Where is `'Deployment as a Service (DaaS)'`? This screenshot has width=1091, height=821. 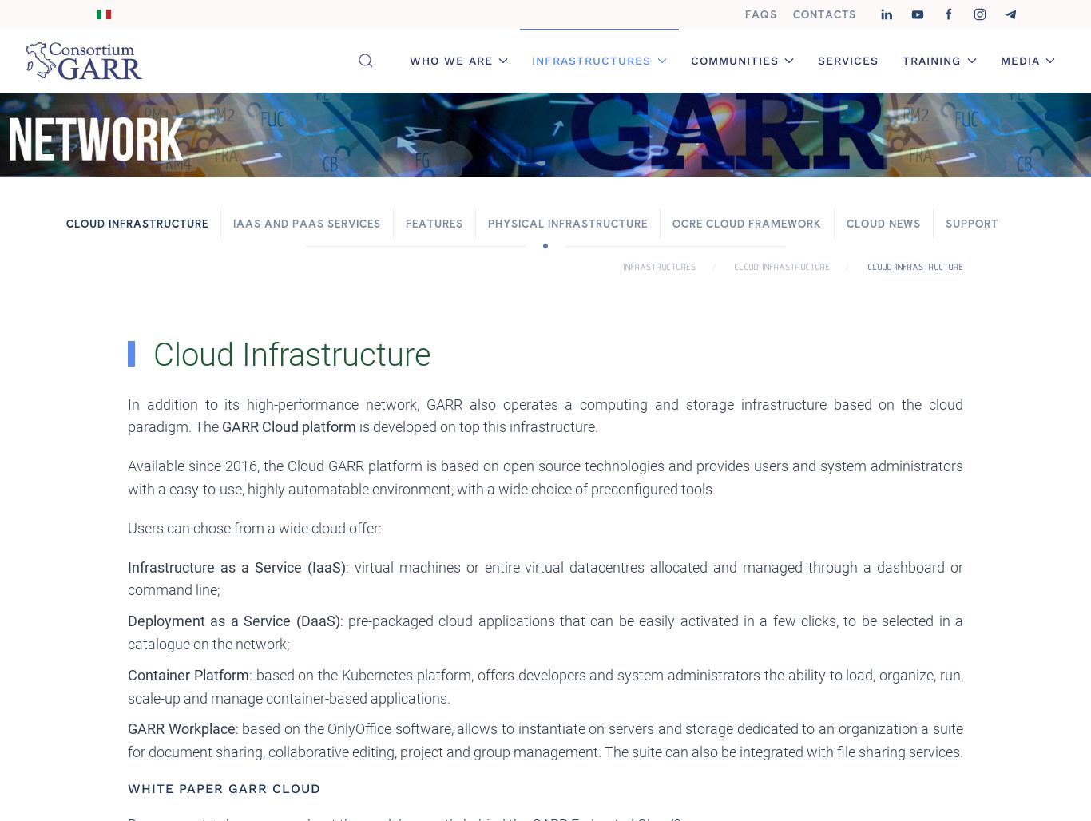 'Deployment as a Service (DaaS)' is located at coordinates (233, 621).